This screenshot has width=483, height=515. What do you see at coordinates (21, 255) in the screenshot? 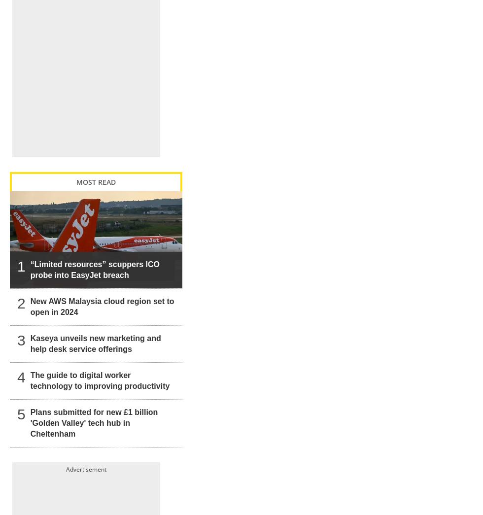
I see `'1'` at bounding box center [21, 255].